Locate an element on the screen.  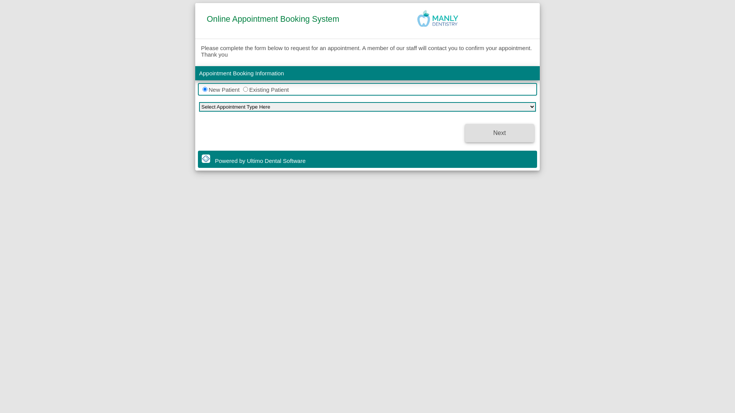
'Next' is located at coordinates (500, 132).